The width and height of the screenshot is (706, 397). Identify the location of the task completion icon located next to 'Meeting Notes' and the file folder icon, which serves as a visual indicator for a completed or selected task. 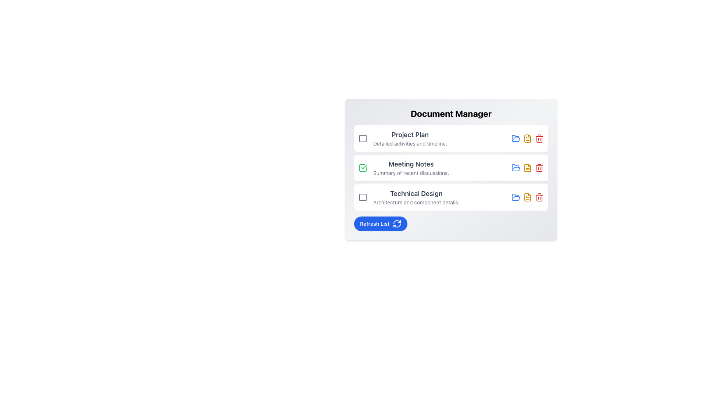
(364, 167).